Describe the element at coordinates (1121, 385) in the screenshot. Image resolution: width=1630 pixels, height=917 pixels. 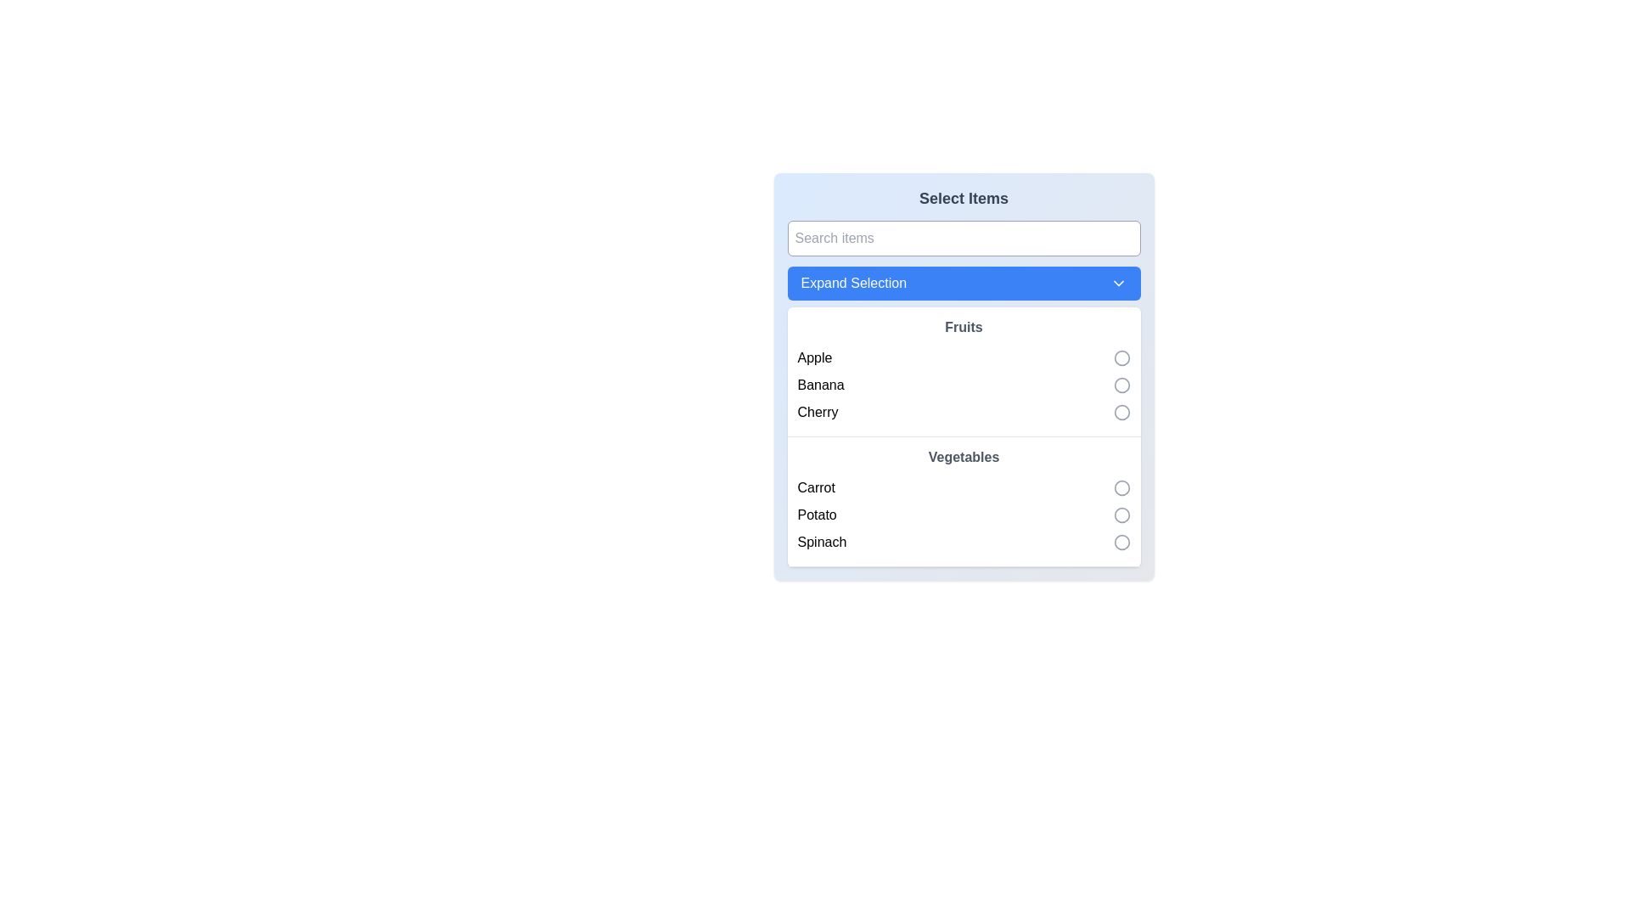
I see `the radio button next to the 'Banana' item in the 'Fruits' section` at that location.